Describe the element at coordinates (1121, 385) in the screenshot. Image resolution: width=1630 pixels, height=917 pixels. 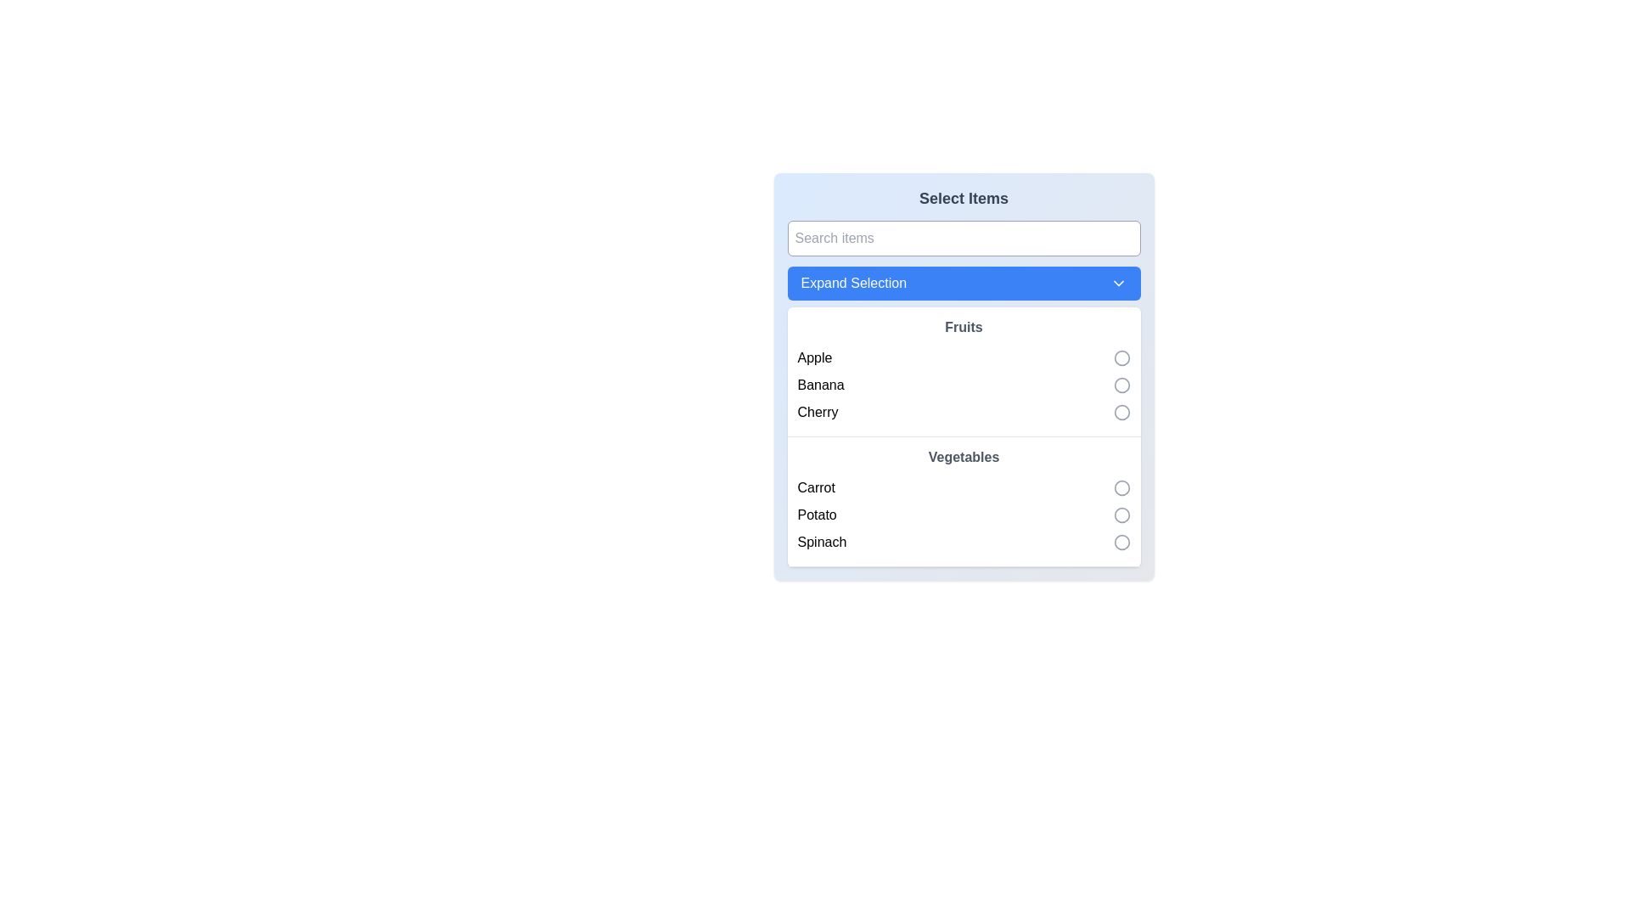
I see `the radio button next to the 'Banana' item in the 'Fruits' section` at that location.